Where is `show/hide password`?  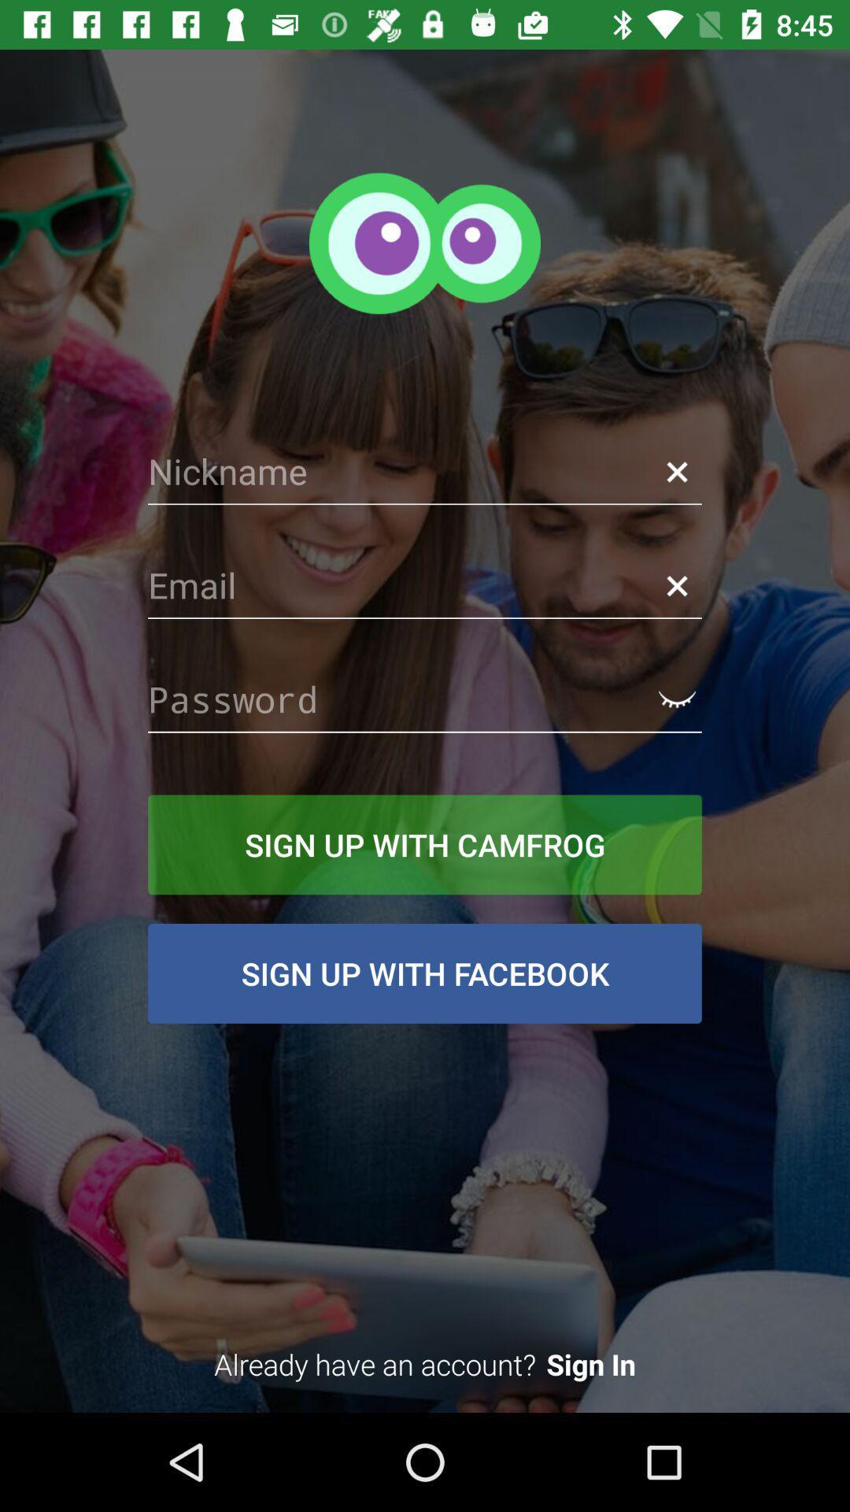 show/hide password is located at coordinates (676, 699).